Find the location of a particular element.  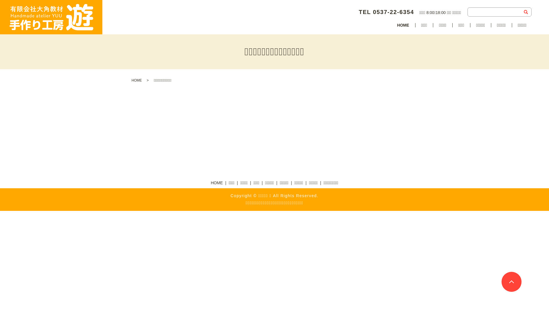

'HOME' is located at coordinates (403, 25).